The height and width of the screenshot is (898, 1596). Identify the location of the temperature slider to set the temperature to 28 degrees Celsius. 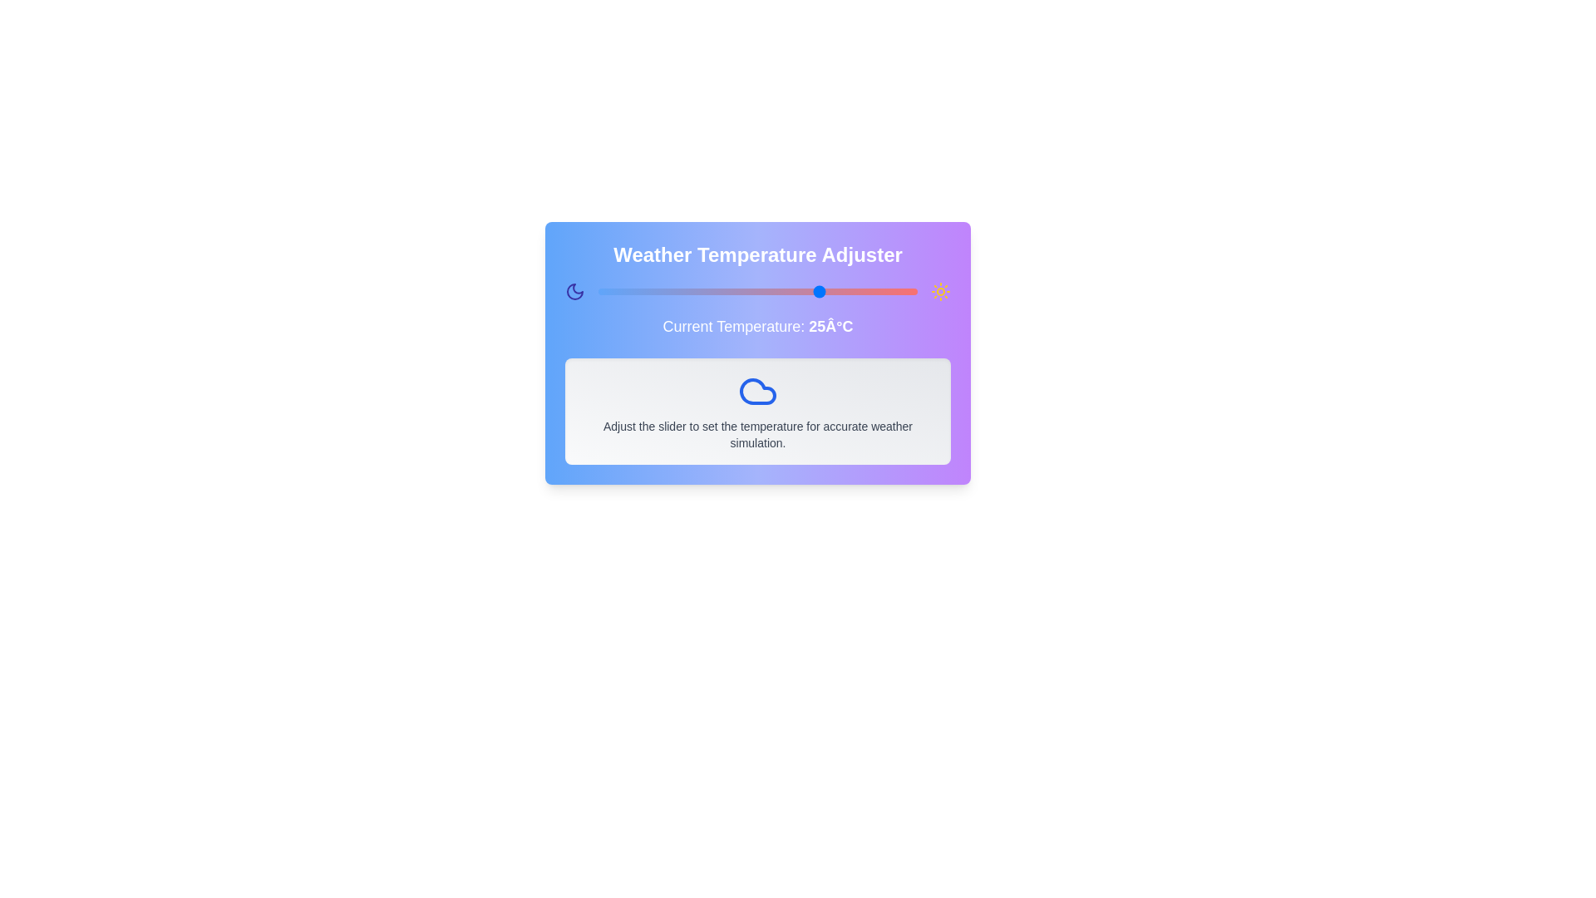
(840, 291).